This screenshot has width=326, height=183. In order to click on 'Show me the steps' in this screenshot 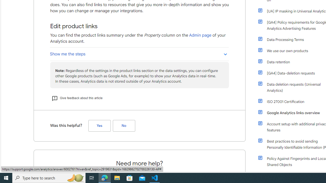, I will do `click(139, 54)`.